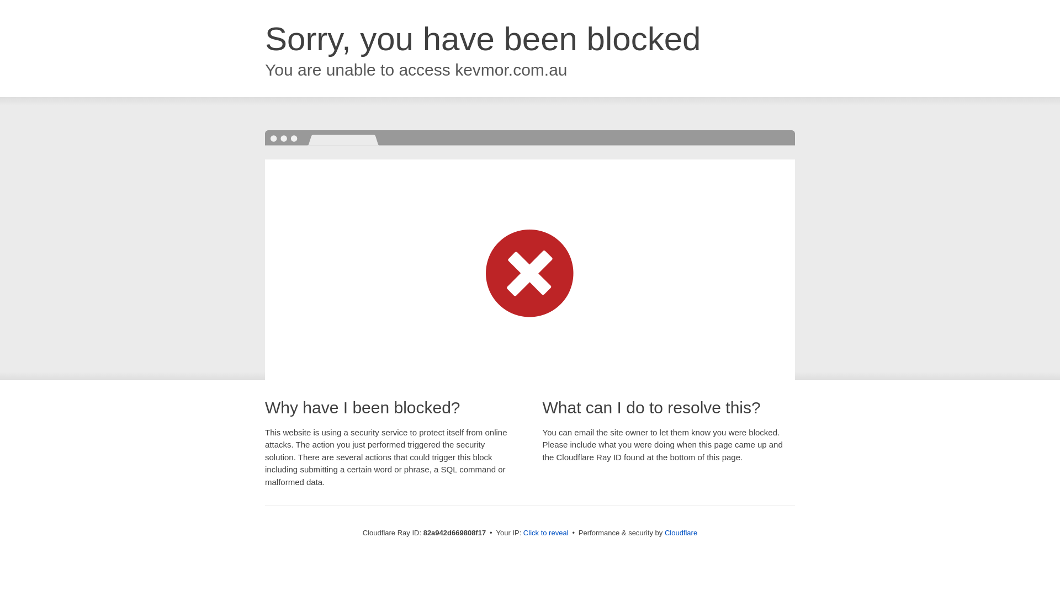 The height and width of the screenshot is (596, 1060). What do you see at coordinates (680, 532) in the screenshot?
I see `'Cloudflare'` at bounding box center [680, 532].